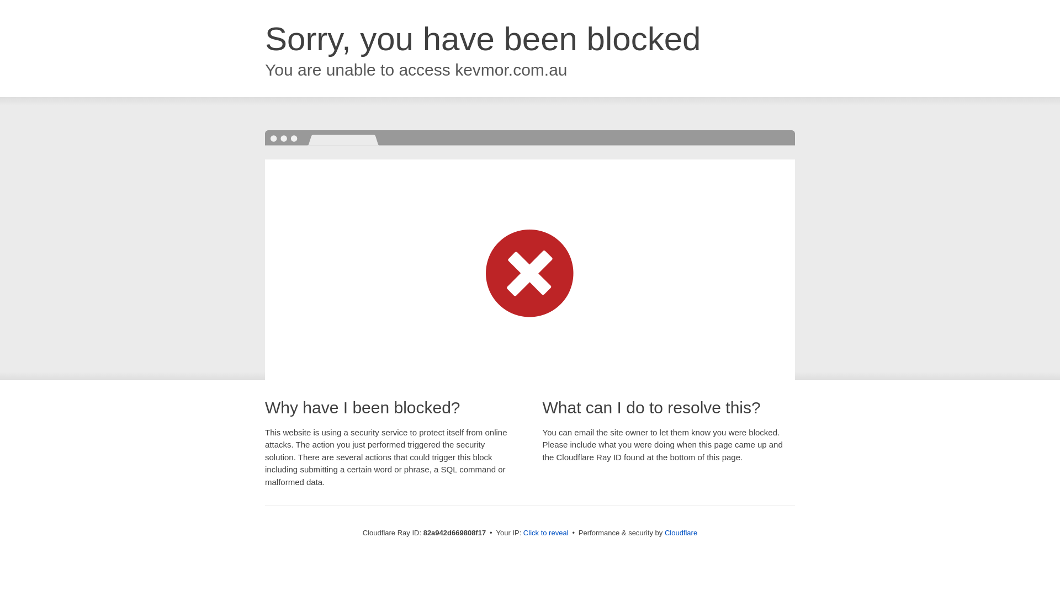 The height and width of the screenshot is (596, 1060). What do you see at coordinates (680, 532) in the screenshot?
I see `'Cloudflare'` at bounding box center [680, 532].